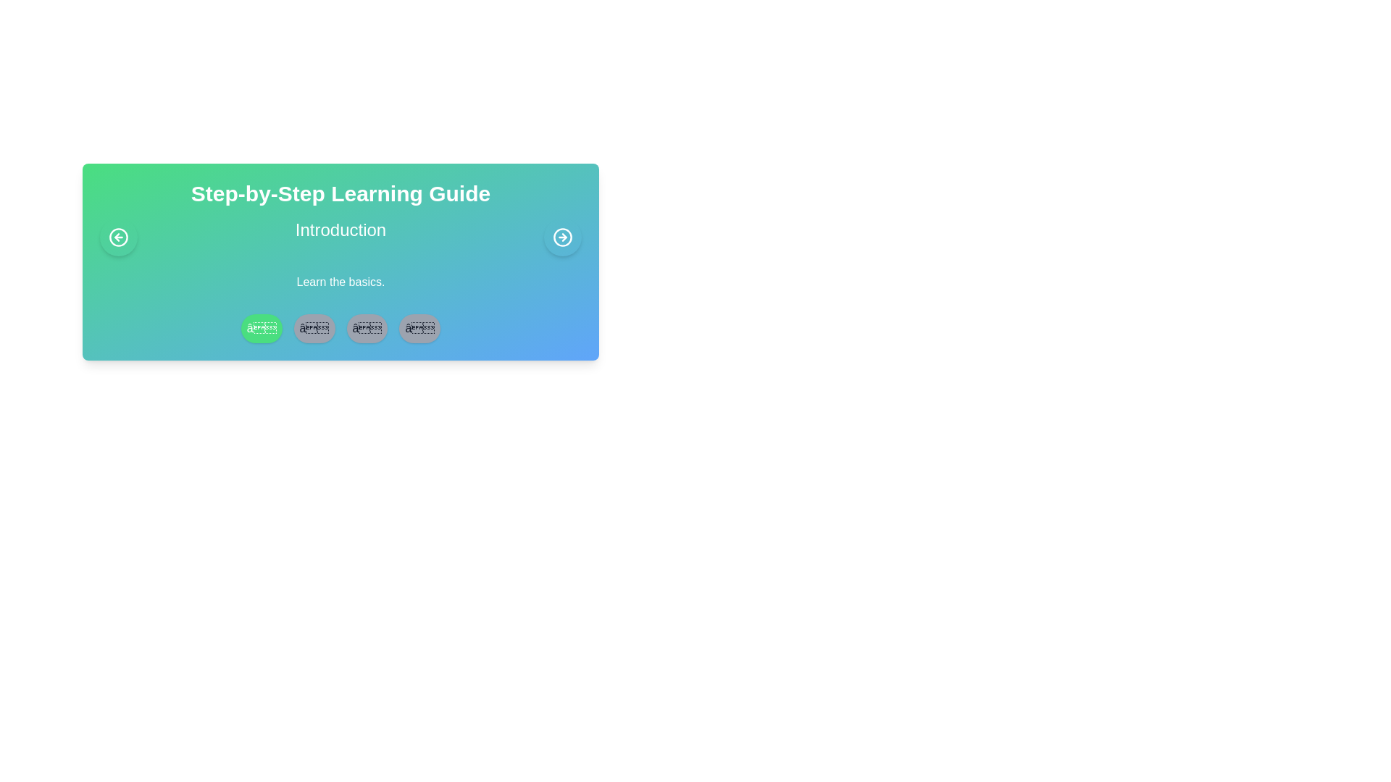 The width and height of the screenshot is (1391, 782). What do you see at coordinates (314, 329) in the screenshot?
I see `the second circular button with a gray background, located near the bottom of the main content area, below the 'Learn the basics' text` at bounding box center [314, 329].